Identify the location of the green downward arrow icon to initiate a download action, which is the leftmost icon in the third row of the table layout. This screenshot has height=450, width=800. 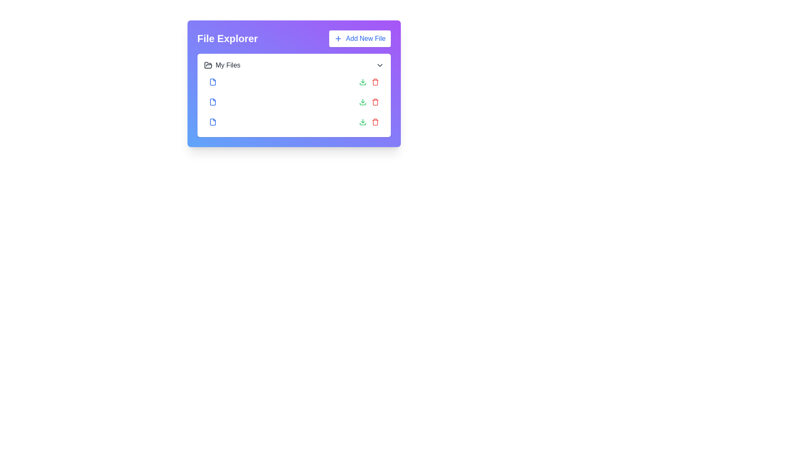
(362, 82).